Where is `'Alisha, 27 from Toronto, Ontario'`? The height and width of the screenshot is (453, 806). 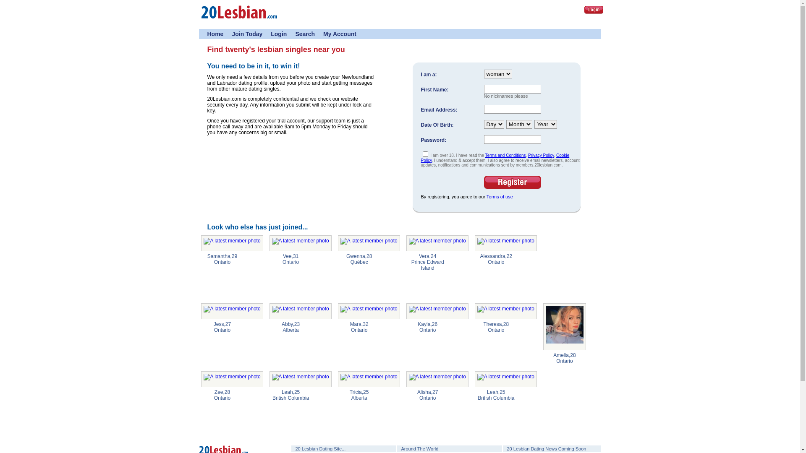 'Alisha, 27 from Toronto, Ontario' is located at coordinates (437, 379).